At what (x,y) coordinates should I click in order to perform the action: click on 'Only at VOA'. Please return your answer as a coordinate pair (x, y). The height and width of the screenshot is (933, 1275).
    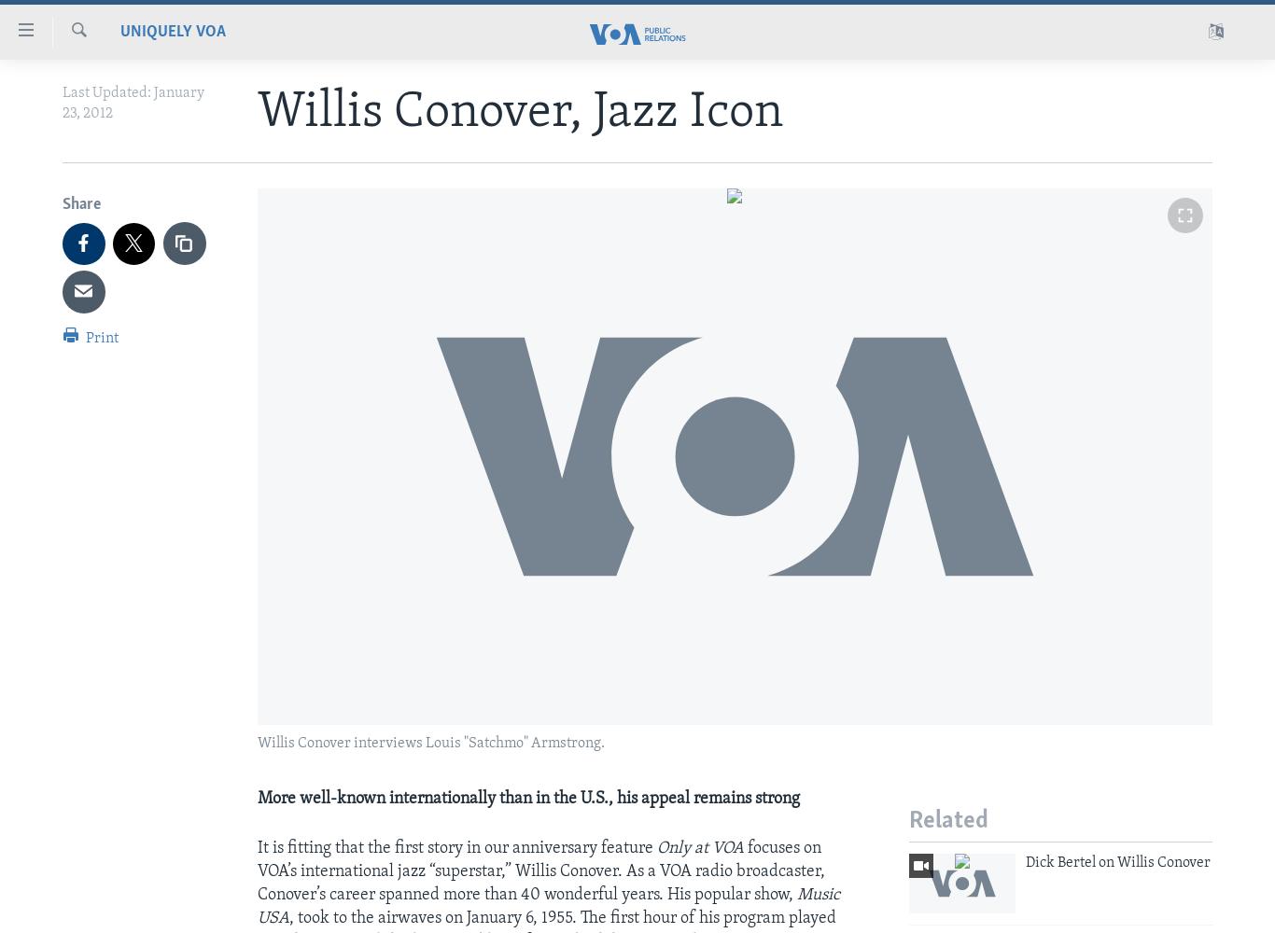
    Looking at the image, I should click on (700, 847).